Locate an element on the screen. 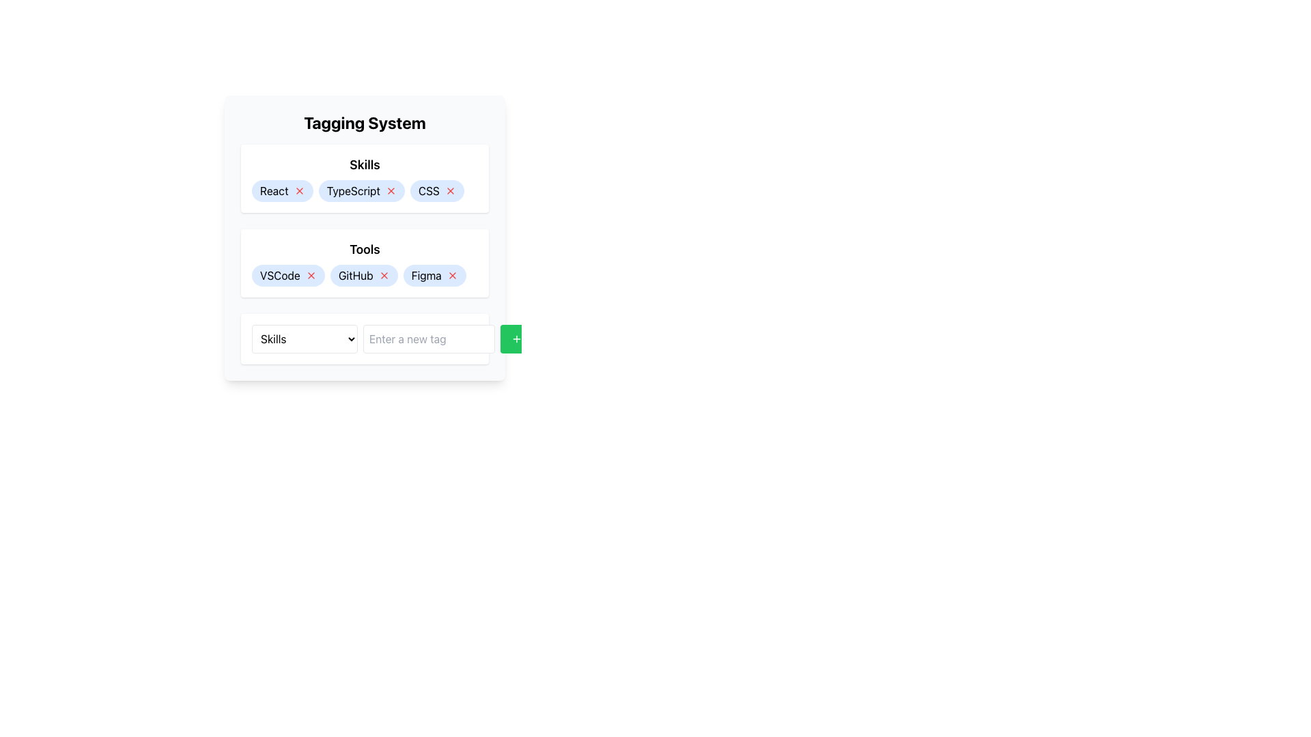 The width and height of the screenshot is (1311, 737). the small red 'X' icon located within the blue badge labeled 'CSS' in the 'Skills' section is located at coordinates (450, 191).